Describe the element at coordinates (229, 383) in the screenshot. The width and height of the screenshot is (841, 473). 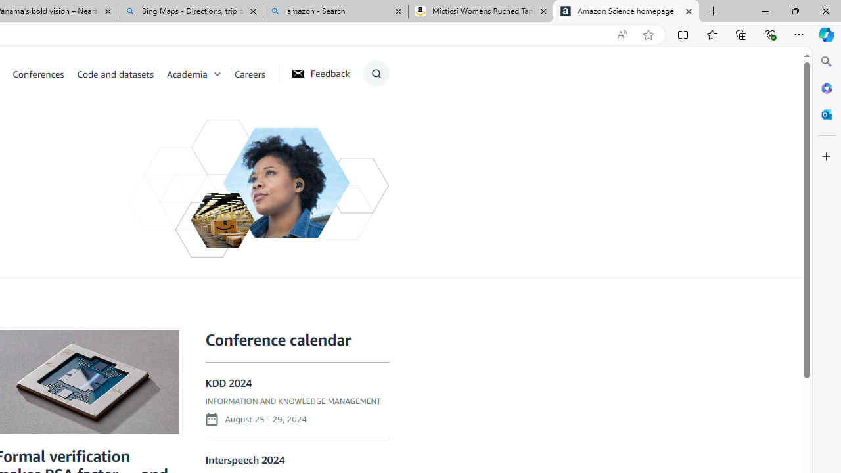
I see `'KDD 2024'` at that location.